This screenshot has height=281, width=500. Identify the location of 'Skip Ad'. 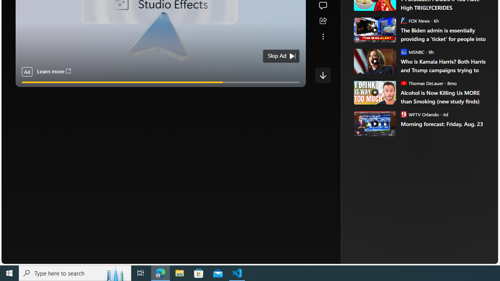
(277, 55).